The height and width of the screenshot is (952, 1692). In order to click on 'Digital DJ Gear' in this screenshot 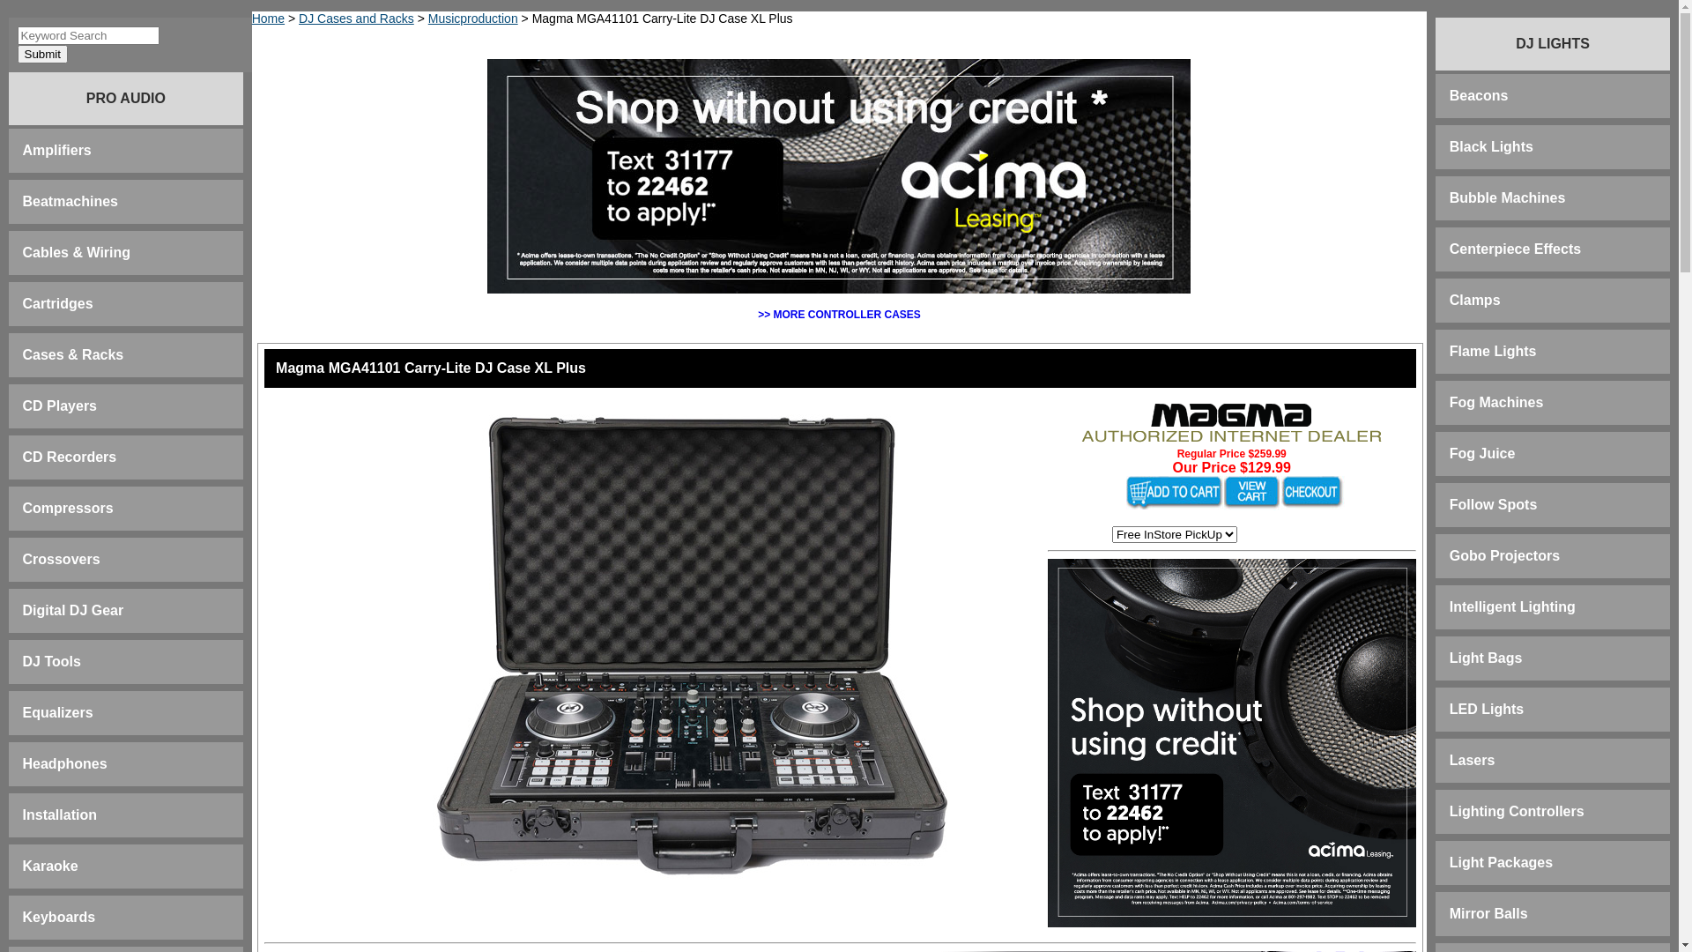, I will do `click(72, 609)`.